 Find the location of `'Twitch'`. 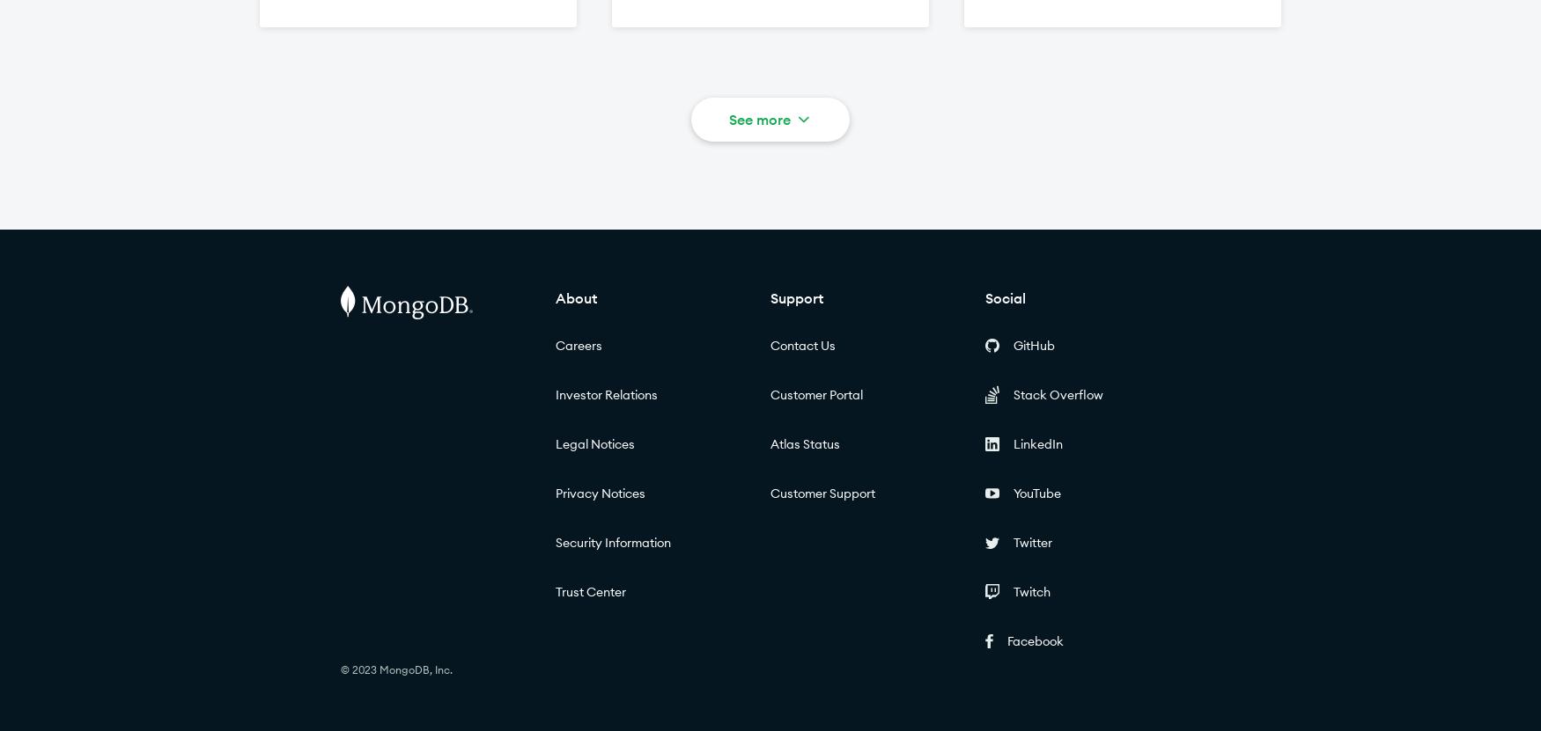

'Twitch' is located at coordinates (1030, 592).